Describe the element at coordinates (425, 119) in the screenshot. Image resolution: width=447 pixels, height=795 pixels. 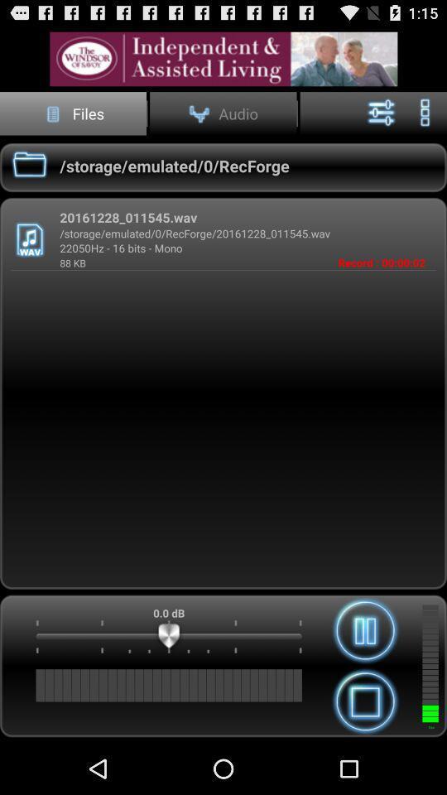
I see `the more icon` at that location.